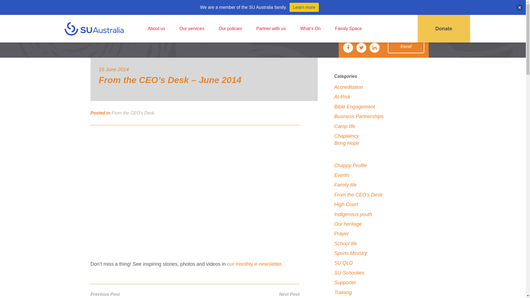  Describe the element at coordinates (345, 185) in the screenshot. I see `'Family life'` at that location.